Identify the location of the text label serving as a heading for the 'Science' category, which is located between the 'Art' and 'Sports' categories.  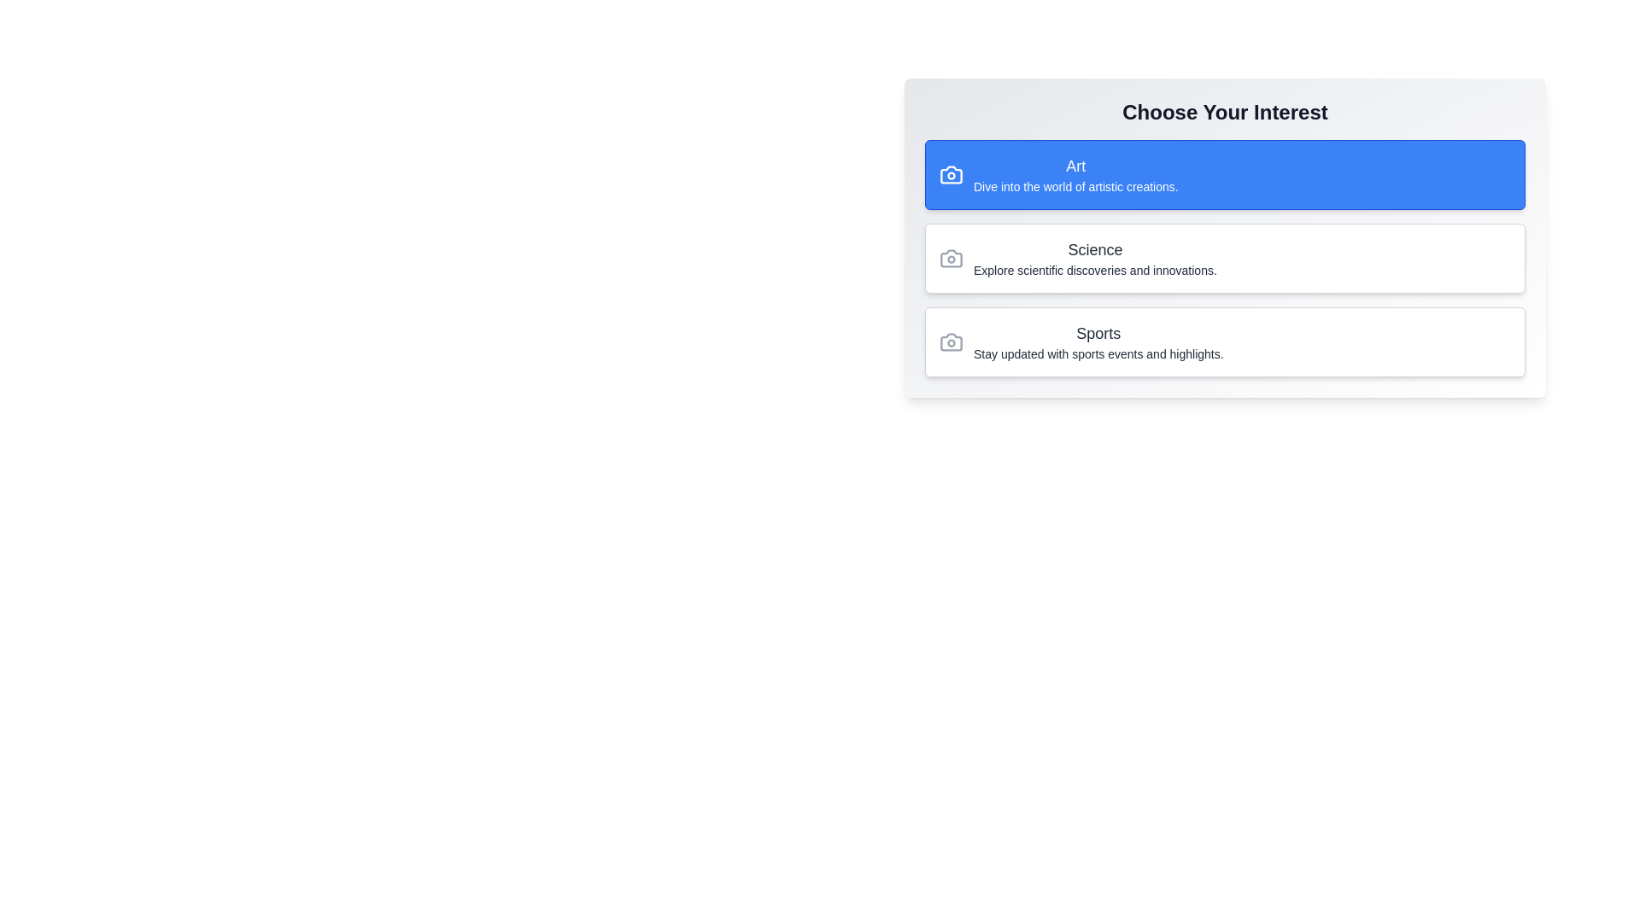
(1095, 250).